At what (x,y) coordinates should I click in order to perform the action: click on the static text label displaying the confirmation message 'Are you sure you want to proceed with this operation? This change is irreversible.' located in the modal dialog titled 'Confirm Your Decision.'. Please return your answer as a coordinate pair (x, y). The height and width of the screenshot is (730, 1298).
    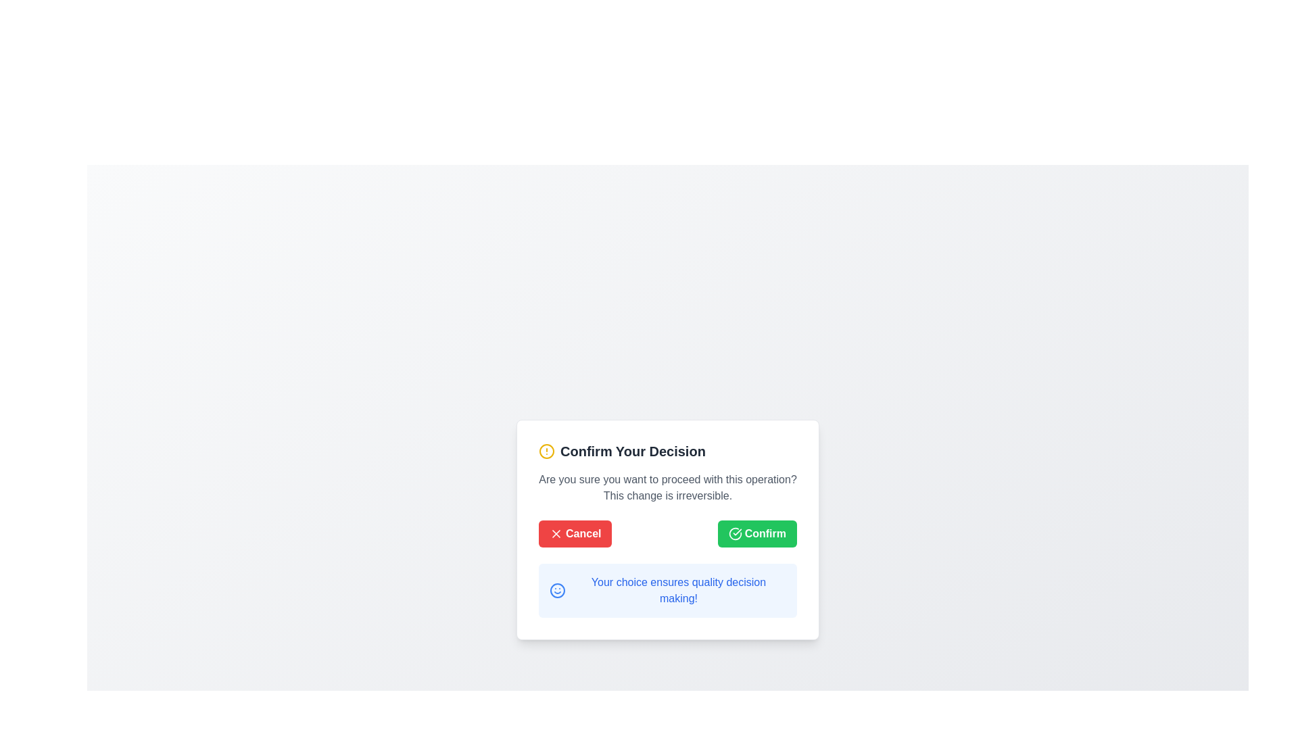
    Looking at the image, I should click on (668, 487).